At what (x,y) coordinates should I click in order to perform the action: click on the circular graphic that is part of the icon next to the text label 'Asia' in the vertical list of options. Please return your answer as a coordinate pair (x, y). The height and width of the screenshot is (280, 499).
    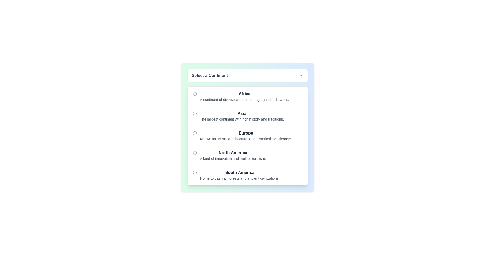
    Looking at the image, I should click on (194, 113).